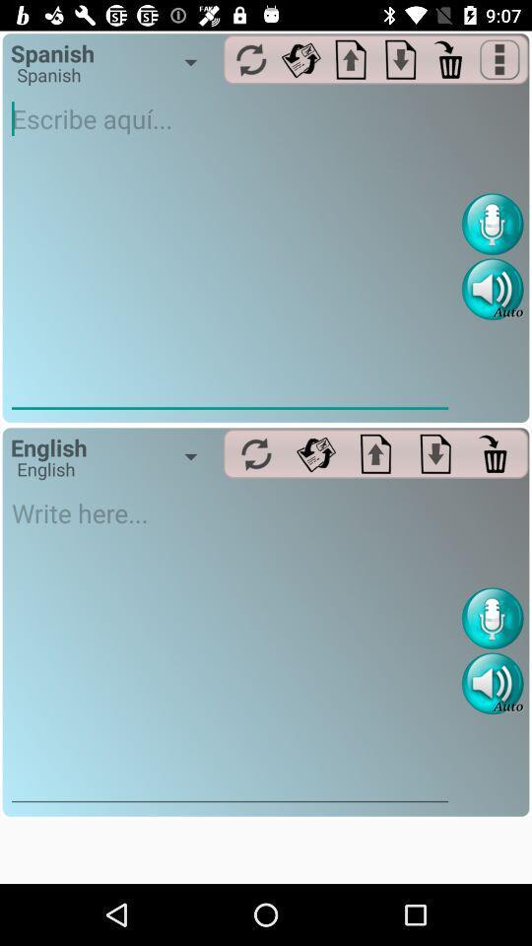 The width and height of the screenshot is (532, 946). I want to click on the arrow_downward icon, so click(400, 58).